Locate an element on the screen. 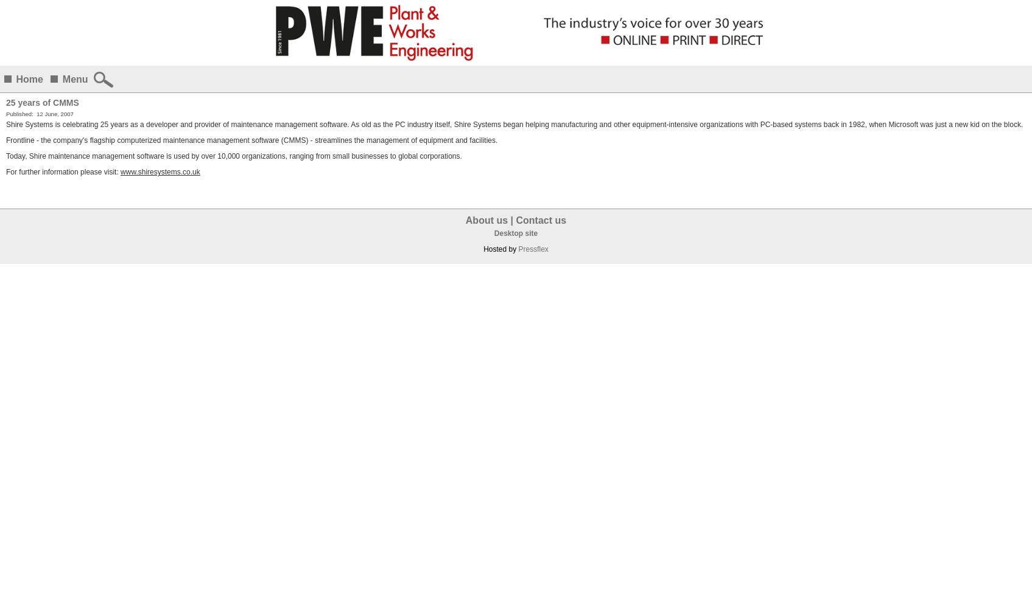  'Pressflex' is located at coordinates (532, 249).